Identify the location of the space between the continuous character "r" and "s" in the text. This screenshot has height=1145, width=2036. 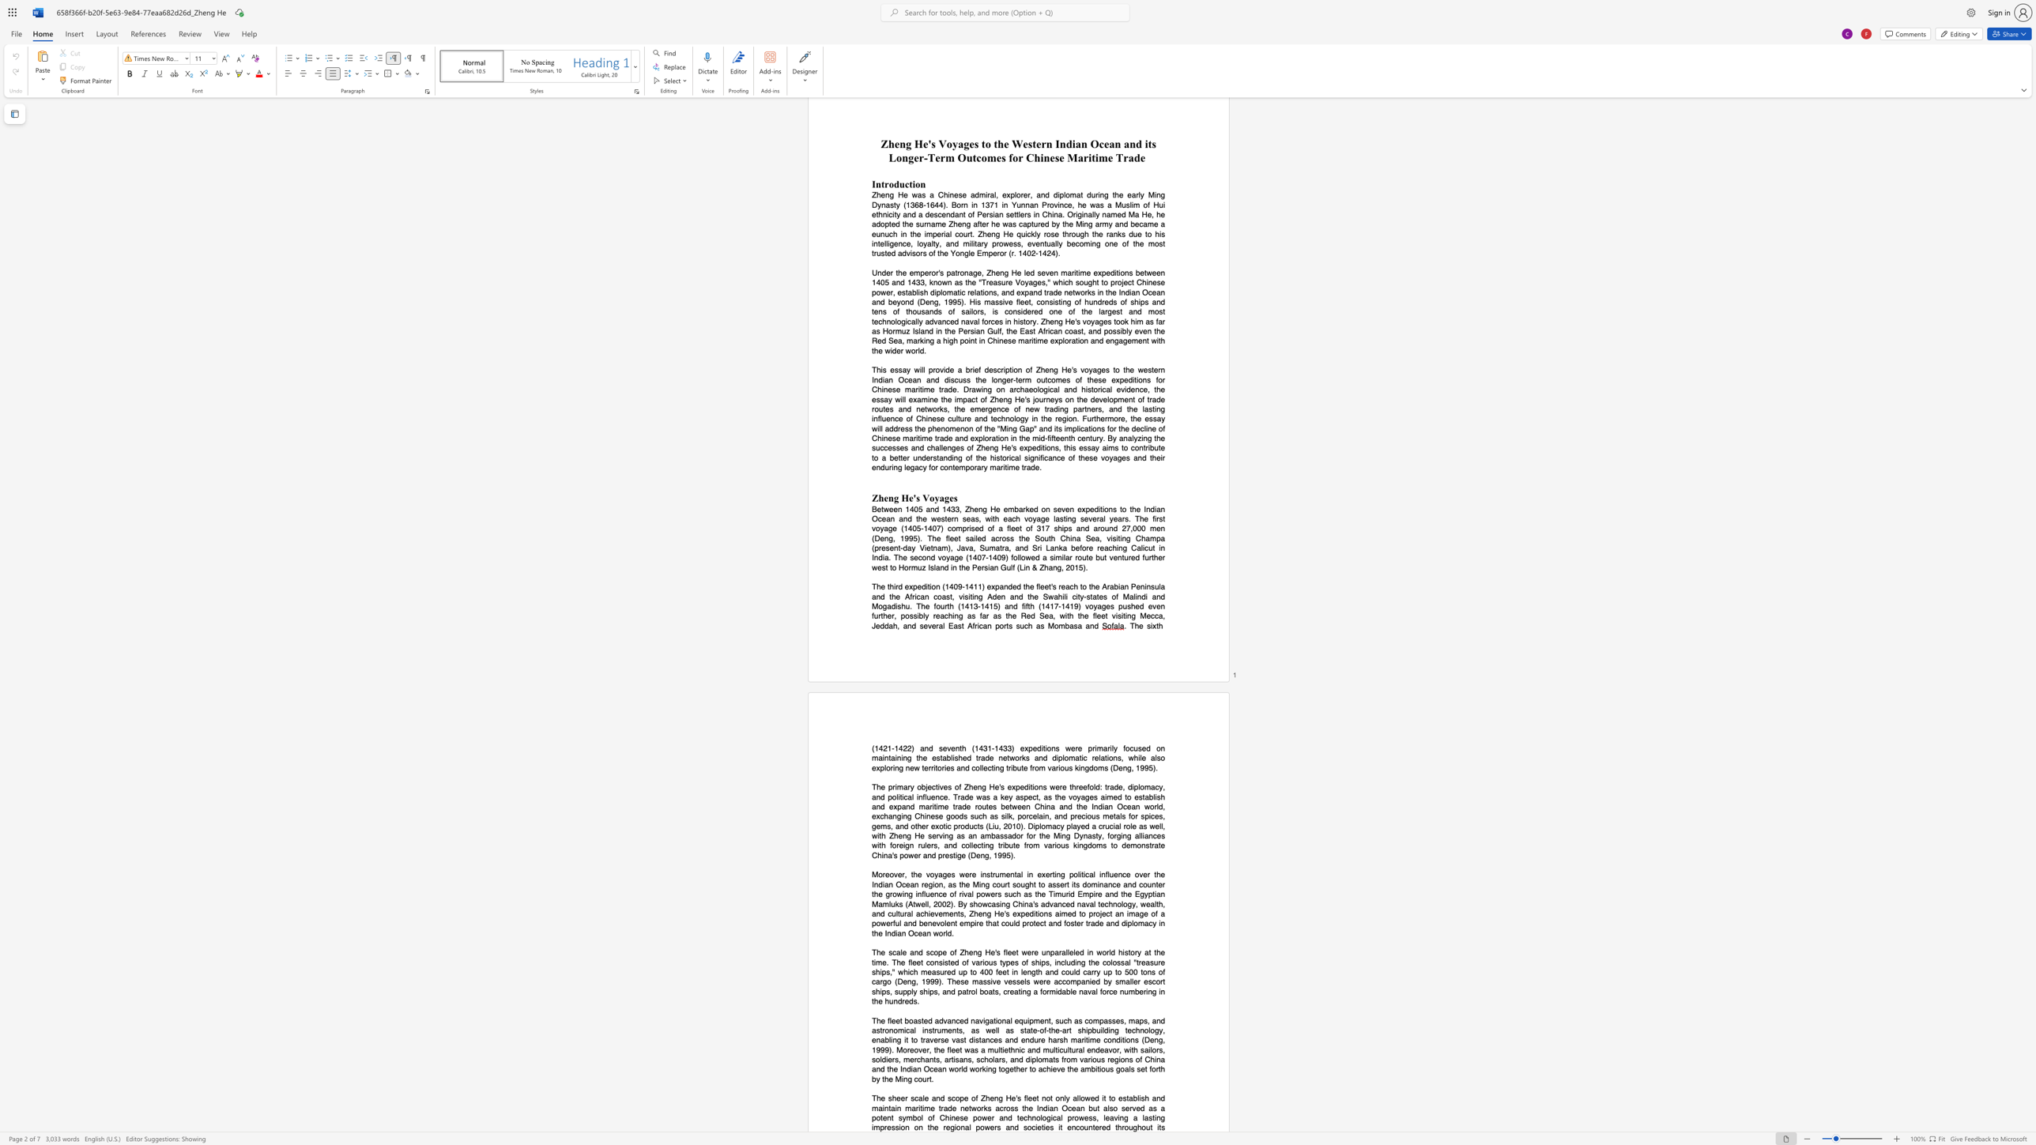
(997, 1127).